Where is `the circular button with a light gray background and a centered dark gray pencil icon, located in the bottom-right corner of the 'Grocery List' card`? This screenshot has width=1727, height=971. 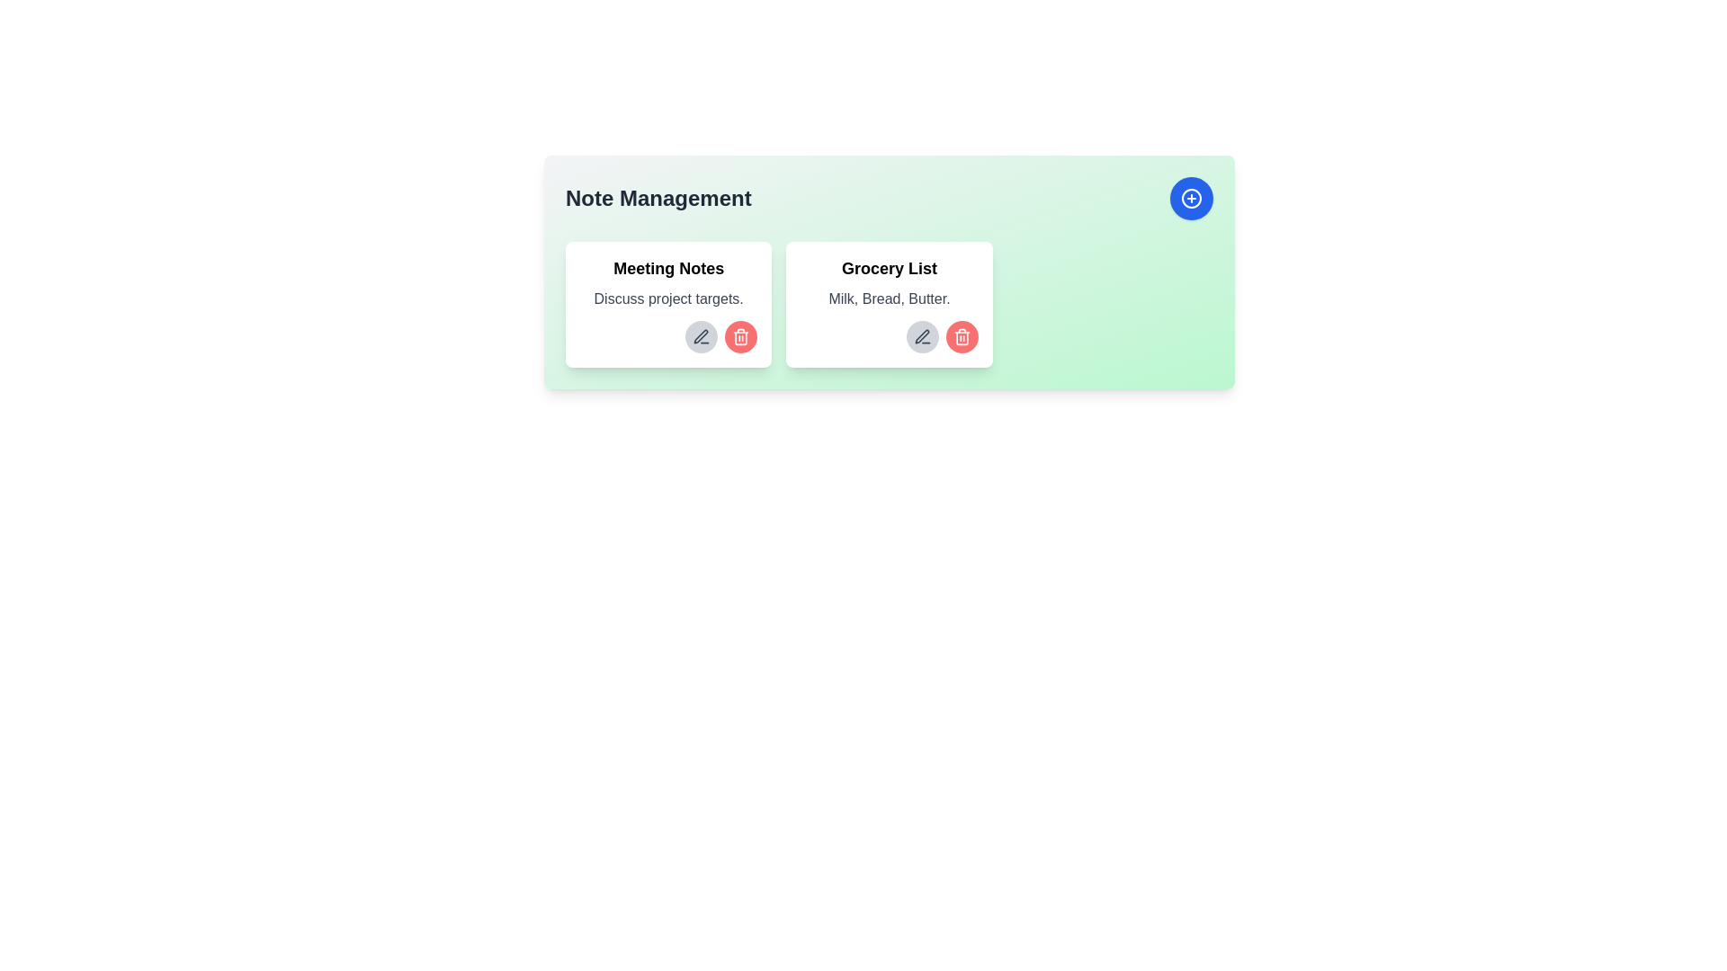 the circular button with a light gray background and a centered dark gray pencil icon, located in the bottom-right corner of the 'Grocery List' card is located at coordinates (922, 336).